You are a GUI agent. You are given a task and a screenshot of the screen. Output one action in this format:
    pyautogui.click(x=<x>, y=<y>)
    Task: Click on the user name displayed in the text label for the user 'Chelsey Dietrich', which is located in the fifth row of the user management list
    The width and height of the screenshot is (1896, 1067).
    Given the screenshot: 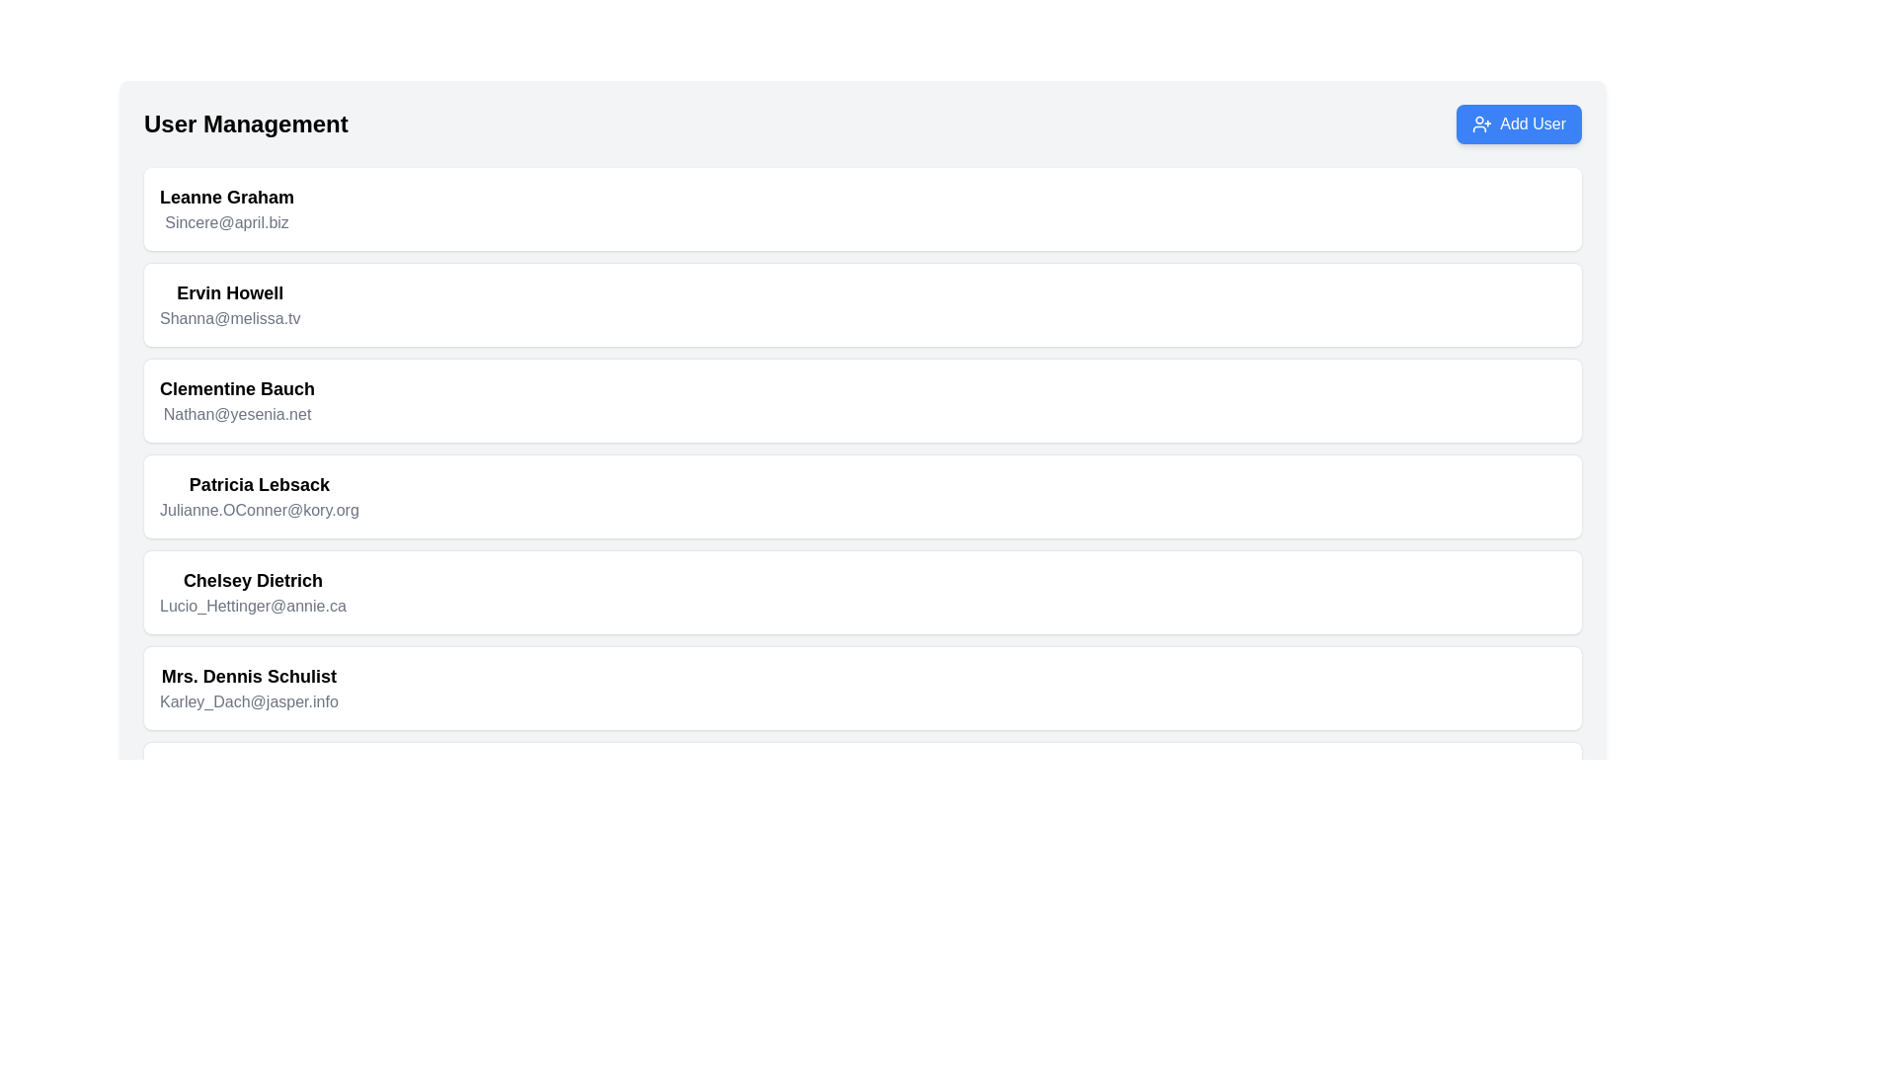 What is the action you would take?
    pyautogui.click(x=252, y=579)
    